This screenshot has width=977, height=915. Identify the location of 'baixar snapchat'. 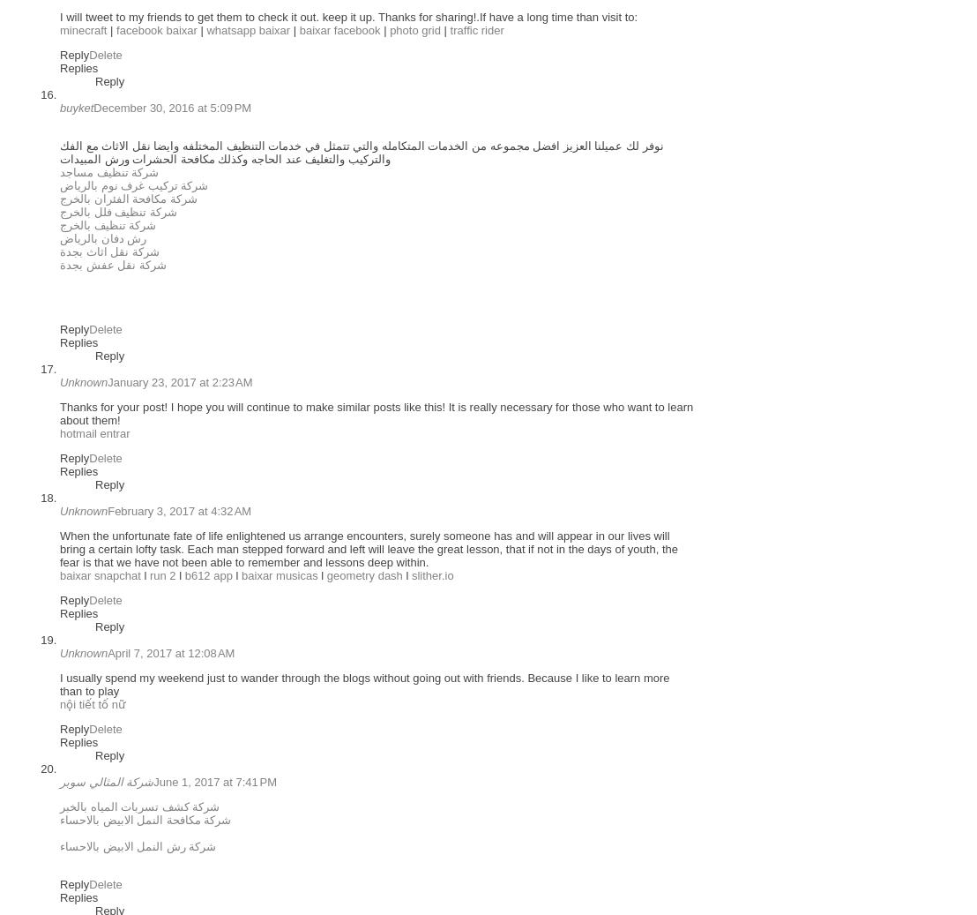
(100, 575).